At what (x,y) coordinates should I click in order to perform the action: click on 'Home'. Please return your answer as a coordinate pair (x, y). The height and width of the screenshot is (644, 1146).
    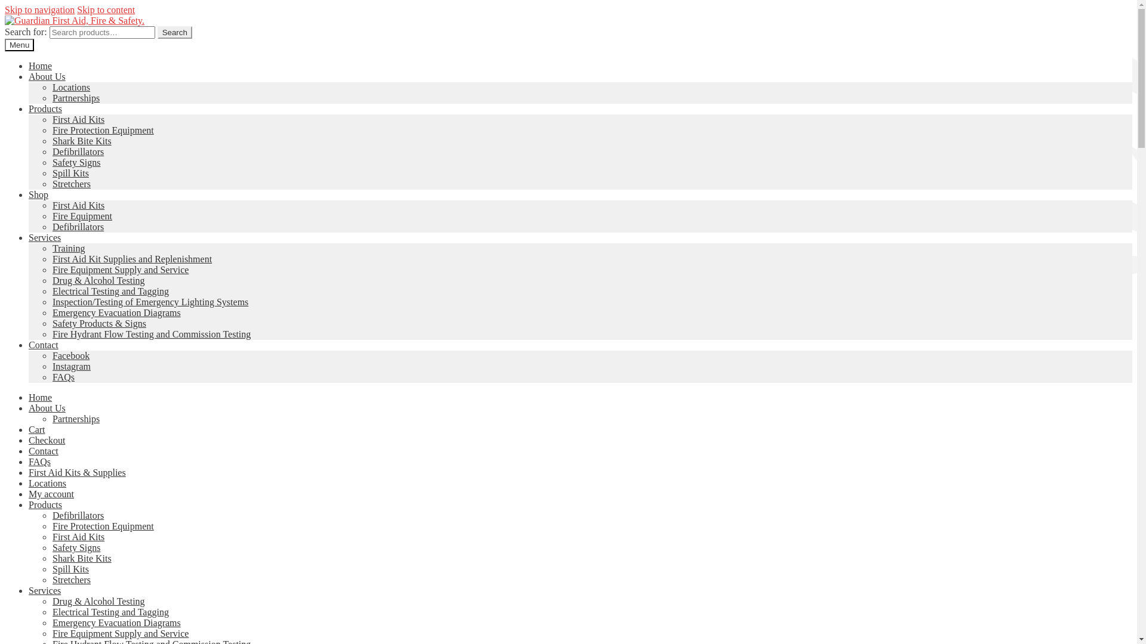
    Looking at the image, I should click on (40, 397).